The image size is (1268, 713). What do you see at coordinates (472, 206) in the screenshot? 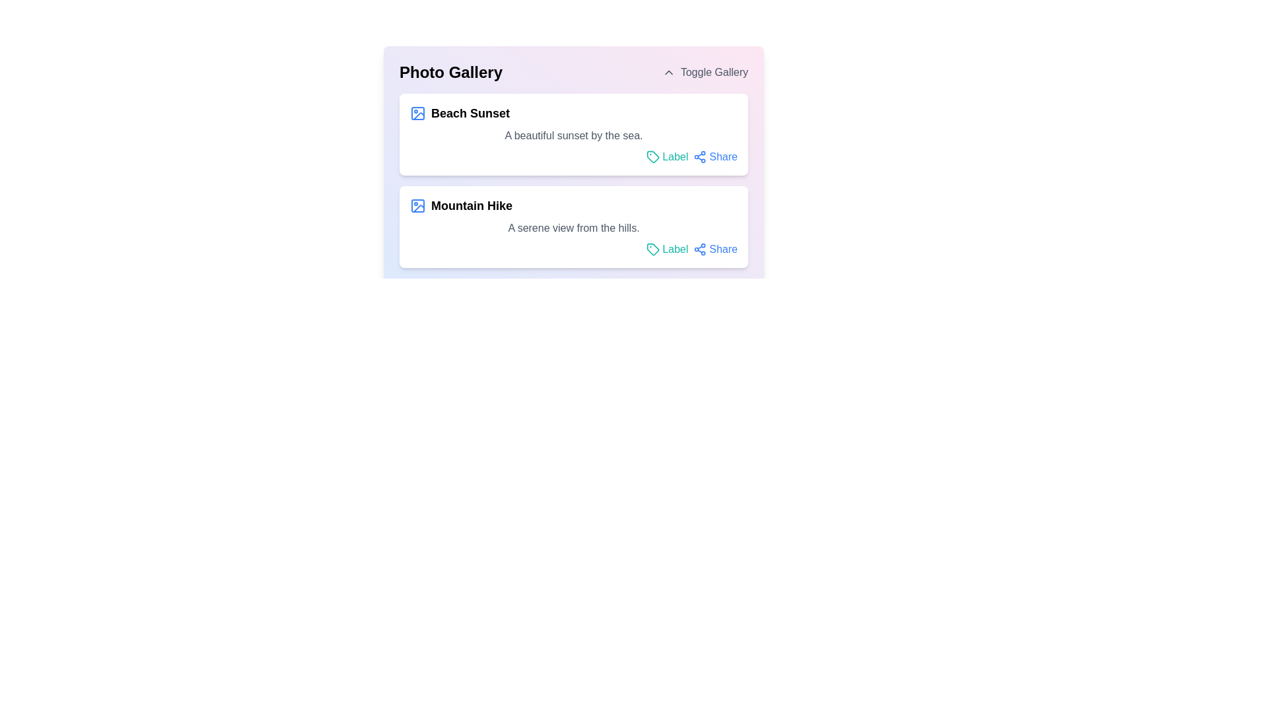
I see `the 'Mountain Hike' text label in the Photo Gallery section, which serves as the title for the second item in the list and is located to the right of a blue photo icon` at bounding box center [472, 206].